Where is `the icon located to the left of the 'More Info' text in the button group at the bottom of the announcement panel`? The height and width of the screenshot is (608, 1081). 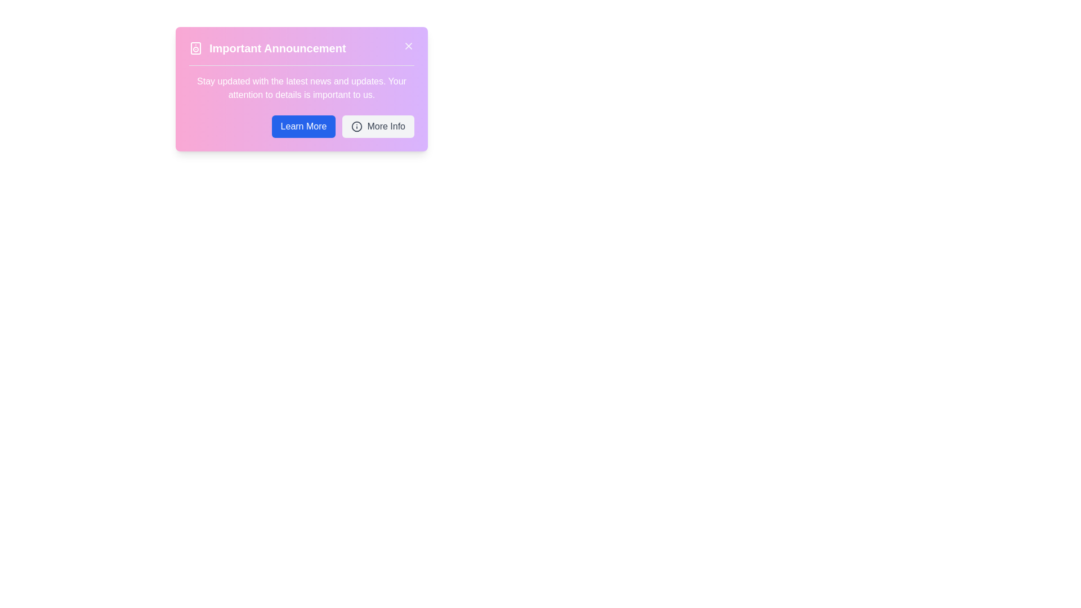
the icon located to the left of the 'More Info' text in the button group at the bottom of the announcement panel is located at coordinates (356, 126).